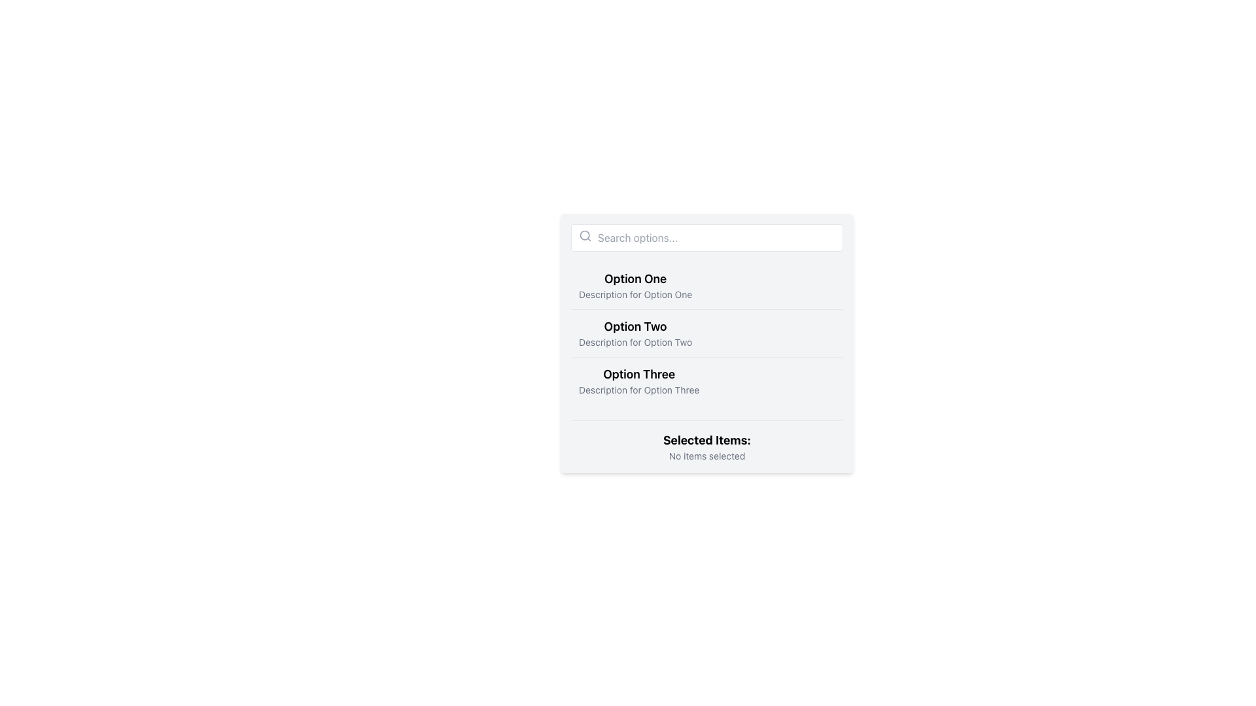 This screenshot has height=706, width=1256. I want to click on the list of options, so click(706, 342).